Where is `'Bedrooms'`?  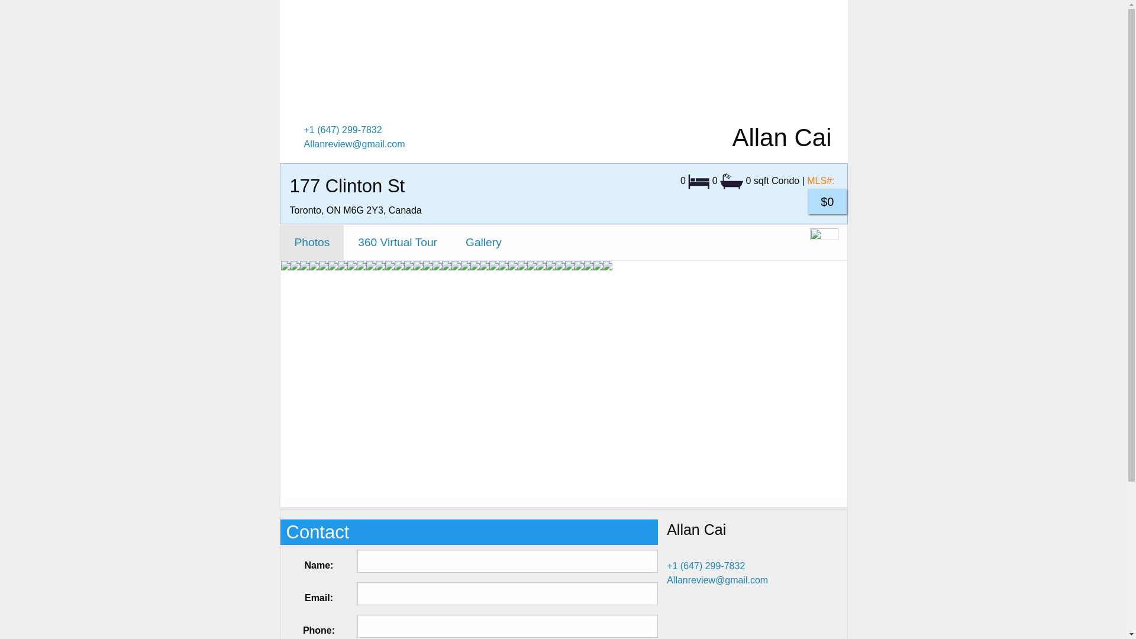
'Bedrooms' is located at coordinates (698, 182).